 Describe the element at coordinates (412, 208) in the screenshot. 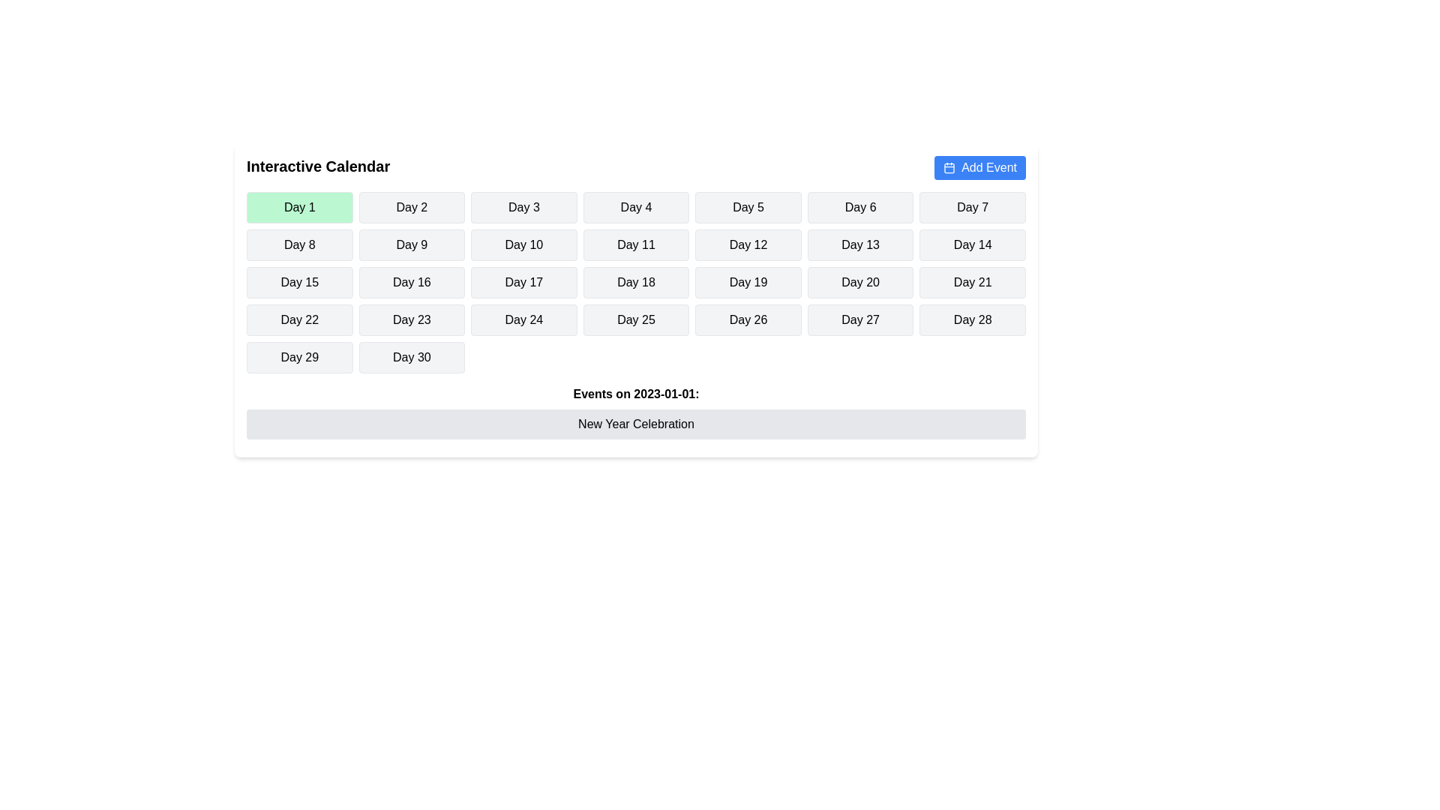

I see `the second day button in the calendar grid` at that location.